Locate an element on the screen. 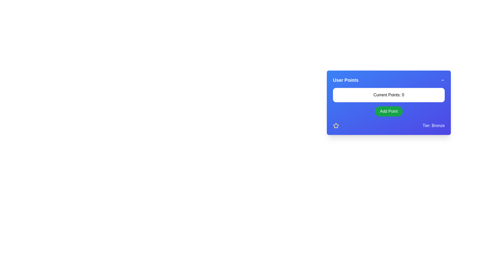 The width and height of the screenshot is (491, 276). the 'Add Point' button in the User Points card to trigger a visual effect is located at coordinates (389, 108).